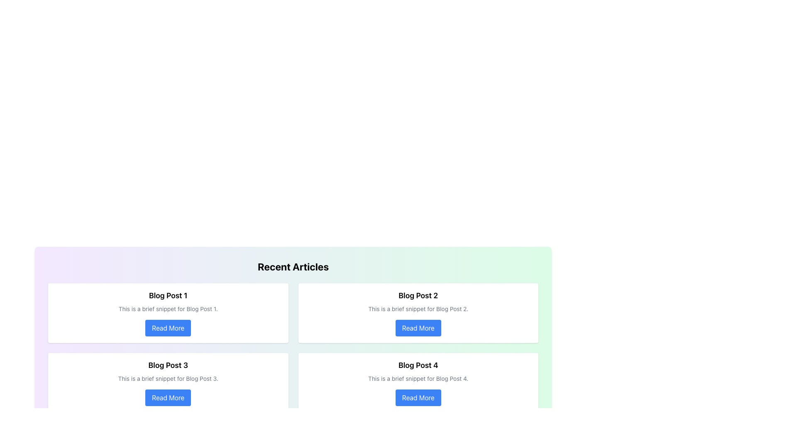  What do you see at coordinates (418, 327) in the screenshot?
I see `the 'Read More' button located at the bottom-right corner of the 'Blog Post 2' section to observe the hover effect` at bounding box center [418, 327].